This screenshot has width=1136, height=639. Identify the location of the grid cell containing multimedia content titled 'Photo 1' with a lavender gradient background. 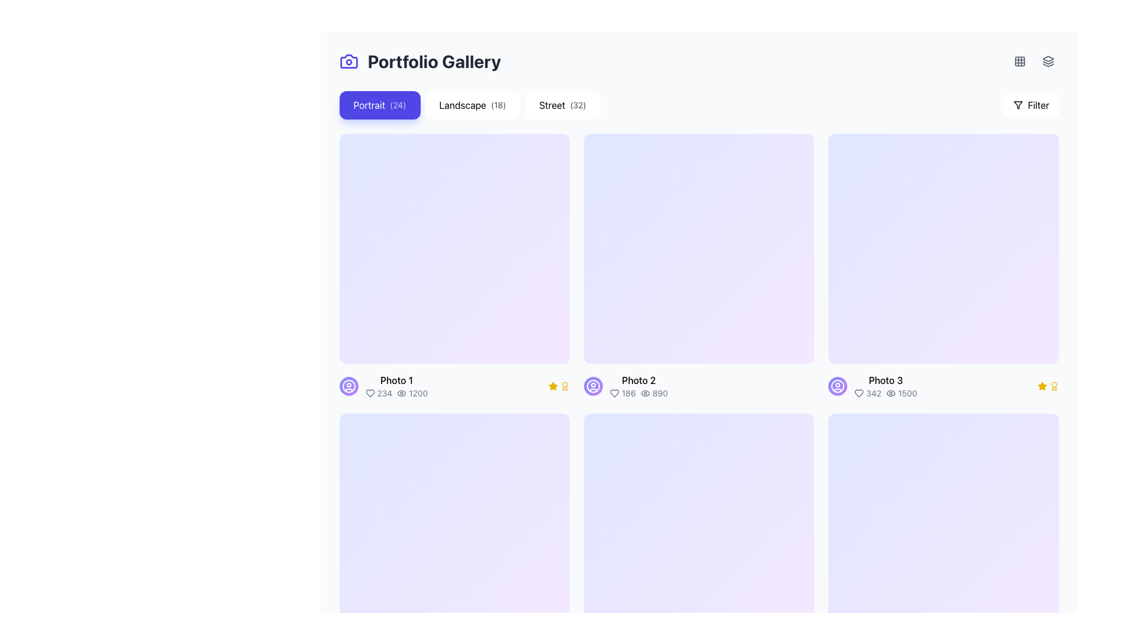
(454, 266).